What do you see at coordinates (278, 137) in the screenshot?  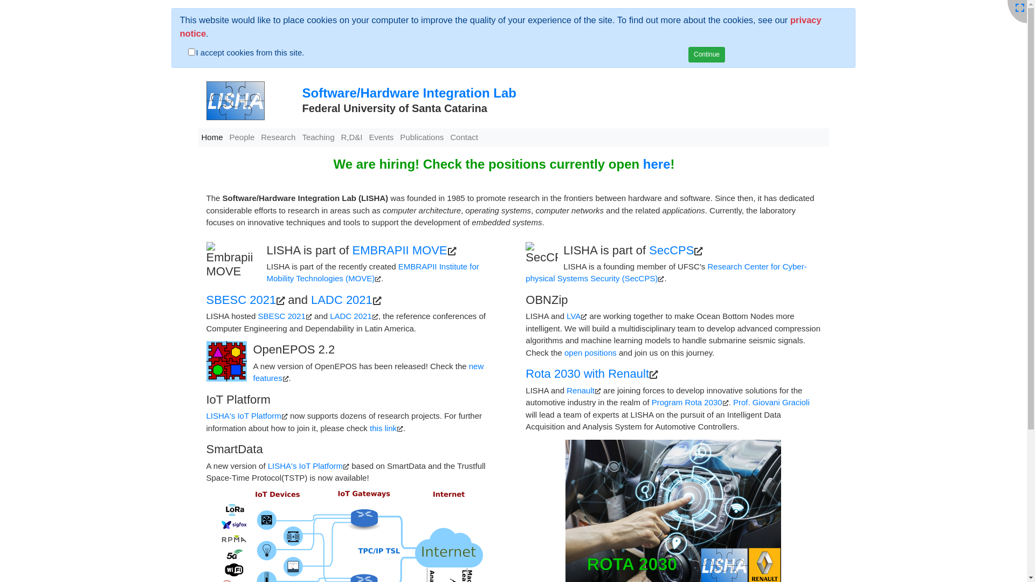 I see `'Research'` at bounding box center [278, 137].